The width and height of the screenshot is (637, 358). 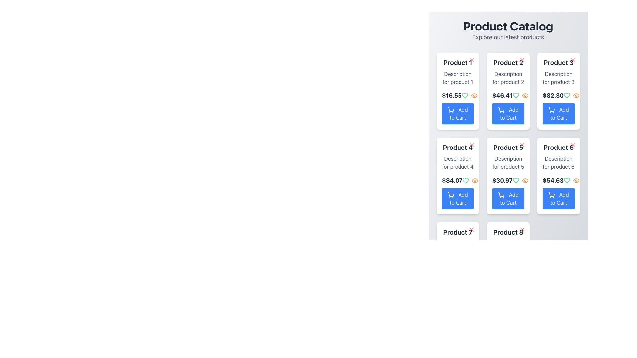 I want to click on the text label displaying 'Product 7', which is styled with bold black text and located at the top of a card component in the product grid view, so click(x=458, y=232).